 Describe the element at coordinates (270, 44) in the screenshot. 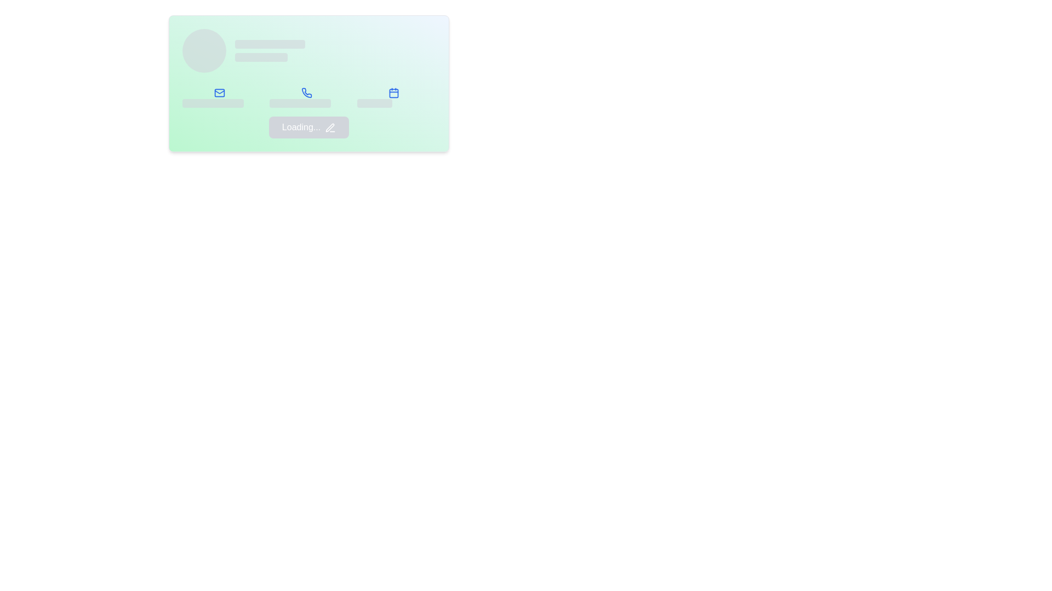

I see `the Loading placeholder located at the top-left section of the interface, indicating a loading state, positioned above another similar placeholder` at that location.